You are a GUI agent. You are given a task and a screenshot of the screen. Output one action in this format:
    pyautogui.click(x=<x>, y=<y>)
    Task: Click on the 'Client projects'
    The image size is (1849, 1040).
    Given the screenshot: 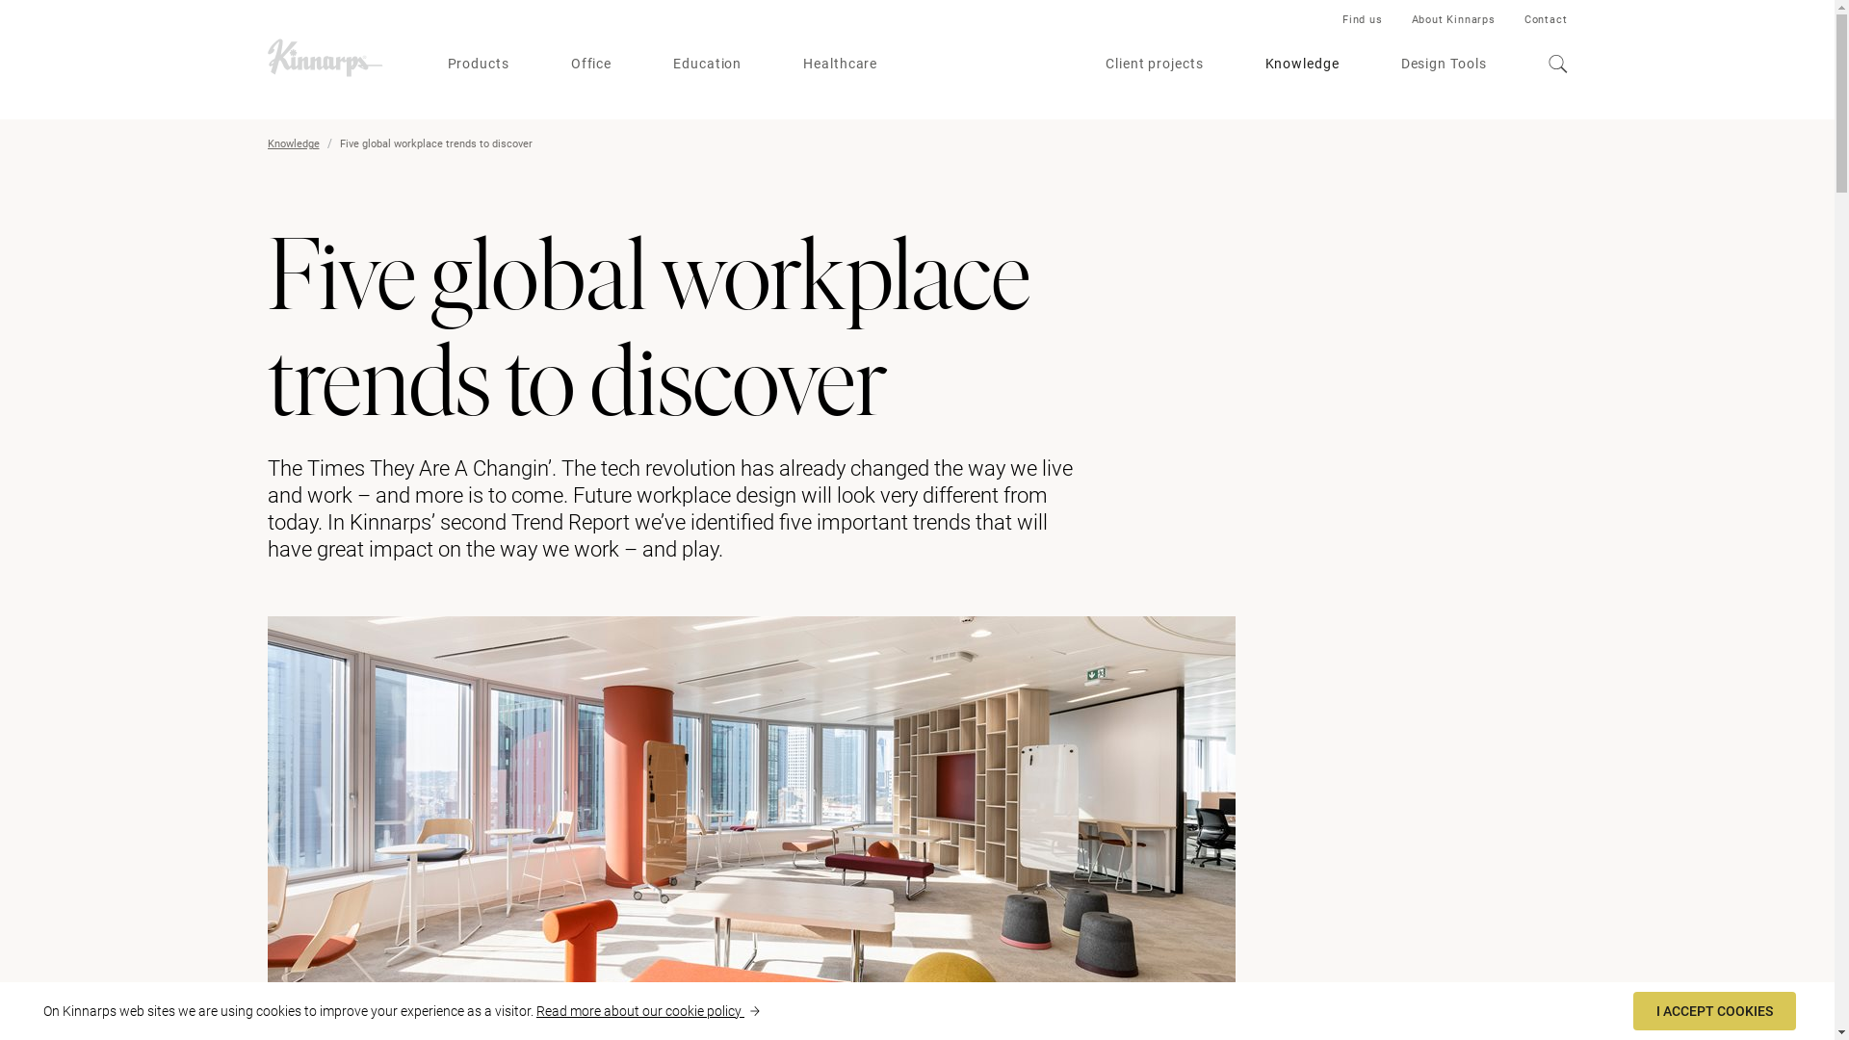 What is the action you would take?
    pyautogui.click(x=1105, y=63)
    